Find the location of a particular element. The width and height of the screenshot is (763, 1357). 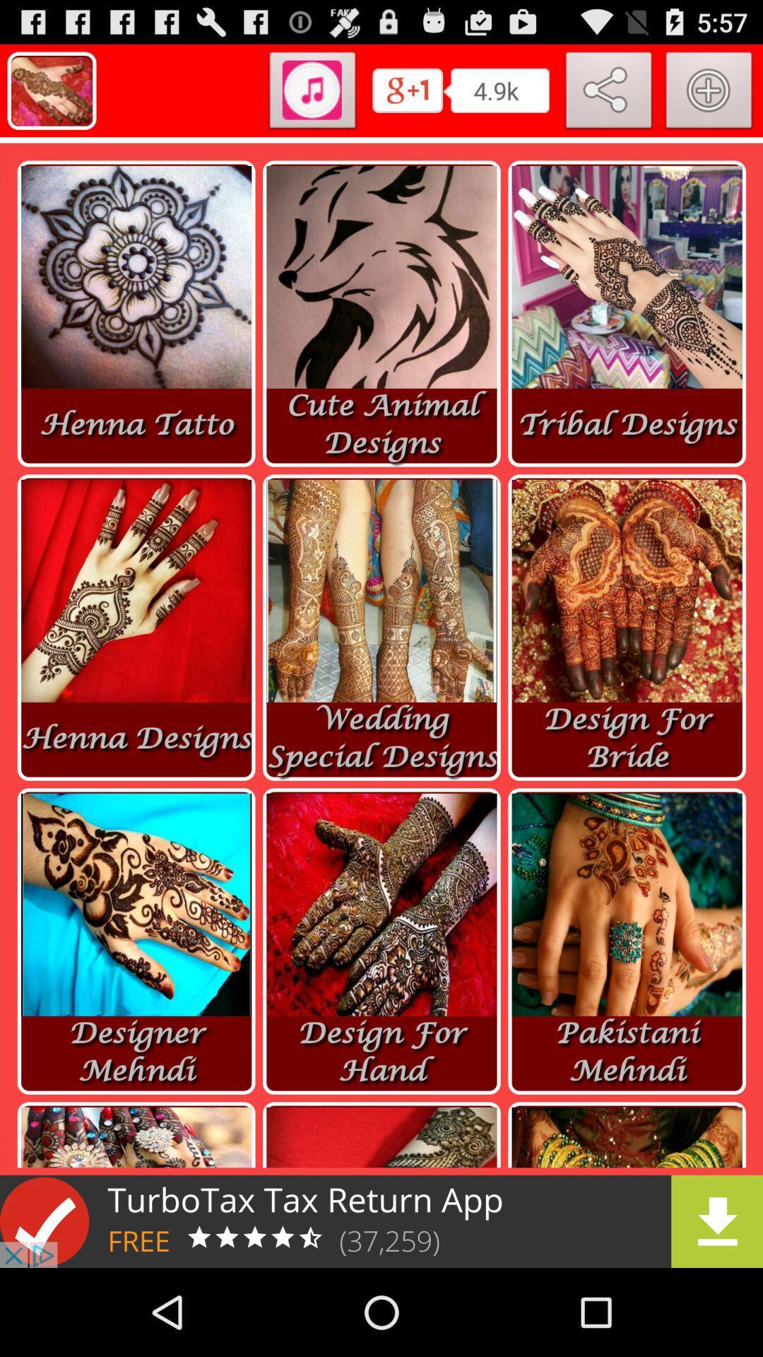

downloading is located at coordinates (381, 1221).